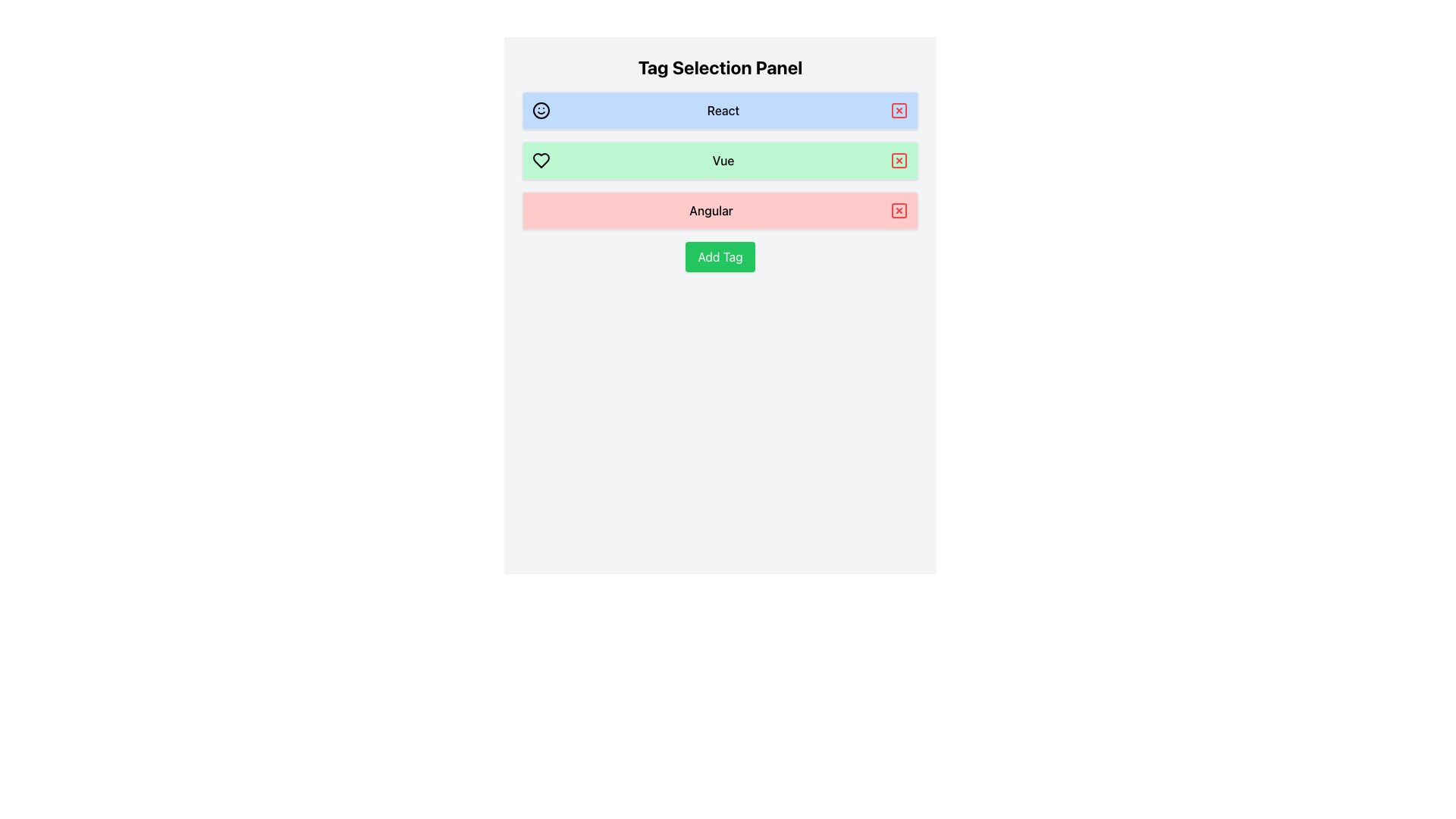  Describe the element at coordinates (899, 210) in the screenshot. I see `the deletion button located at the top-right of the 'Angular' block in the Tag Selection Panel` at that location.